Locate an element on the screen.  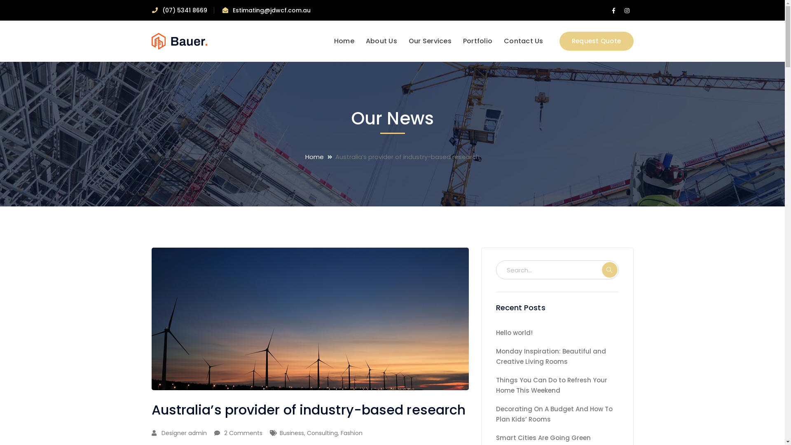
'Hello world!' is located at coordinates (514, 332).